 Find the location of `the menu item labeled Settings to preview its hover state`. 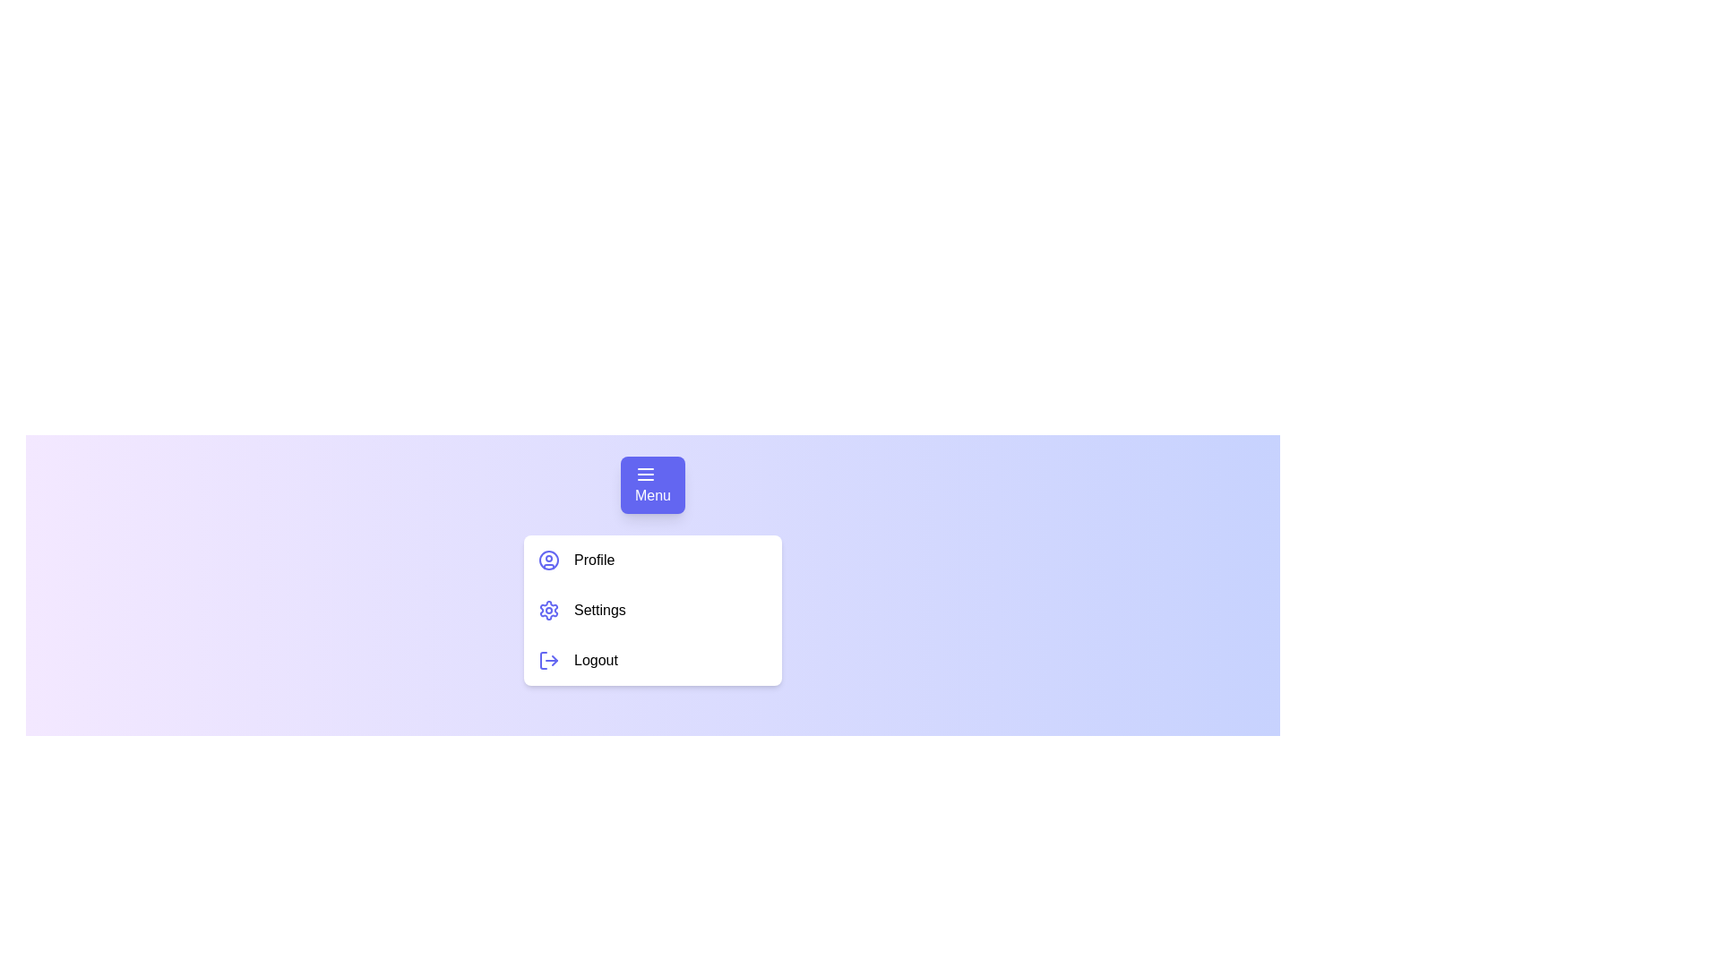

the menu item labeled Settings to preview its hover state is located at coordinates (652, 610).